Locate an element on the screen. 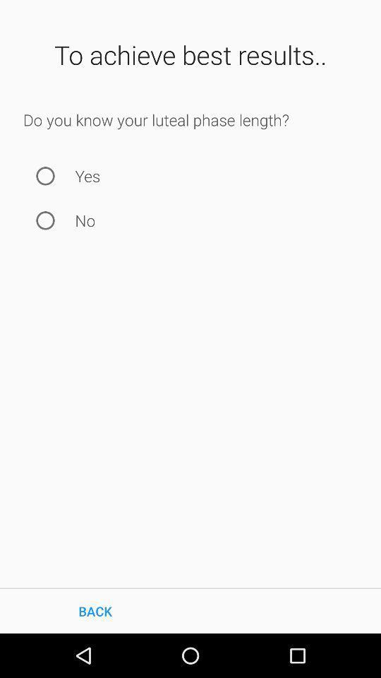  no is located at coordinates (45, 220).